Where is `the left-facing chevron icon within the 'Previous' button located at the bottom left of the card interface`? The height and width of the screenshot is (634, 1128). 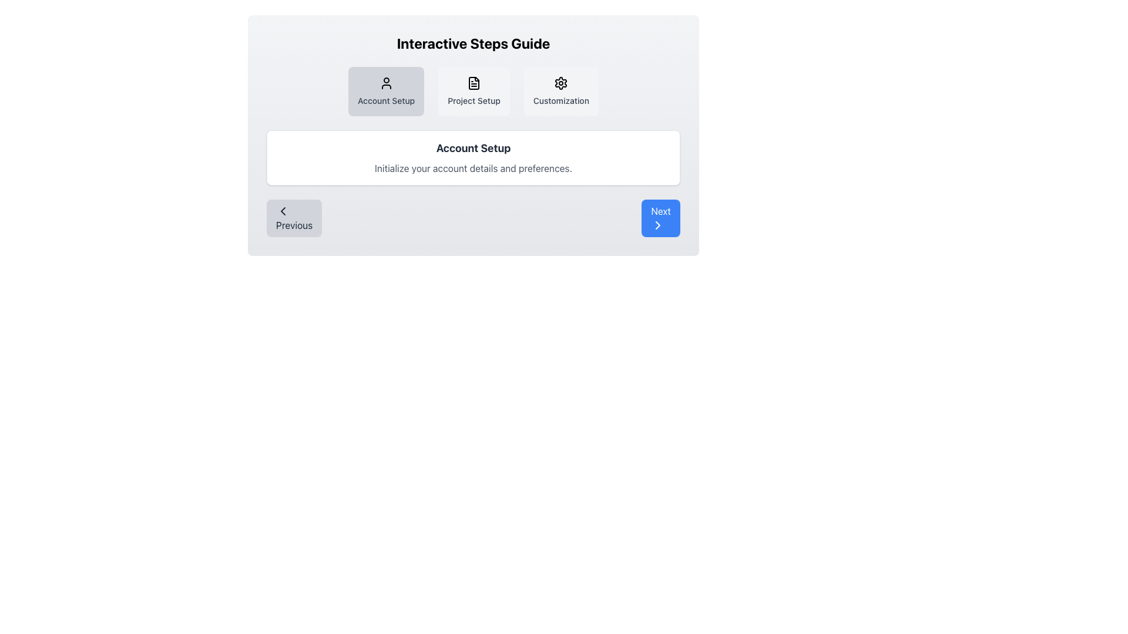
the left-facing chevron icon within the 'Previous' button located at the bottom left of the card interface is located at coordinates (283, 210).